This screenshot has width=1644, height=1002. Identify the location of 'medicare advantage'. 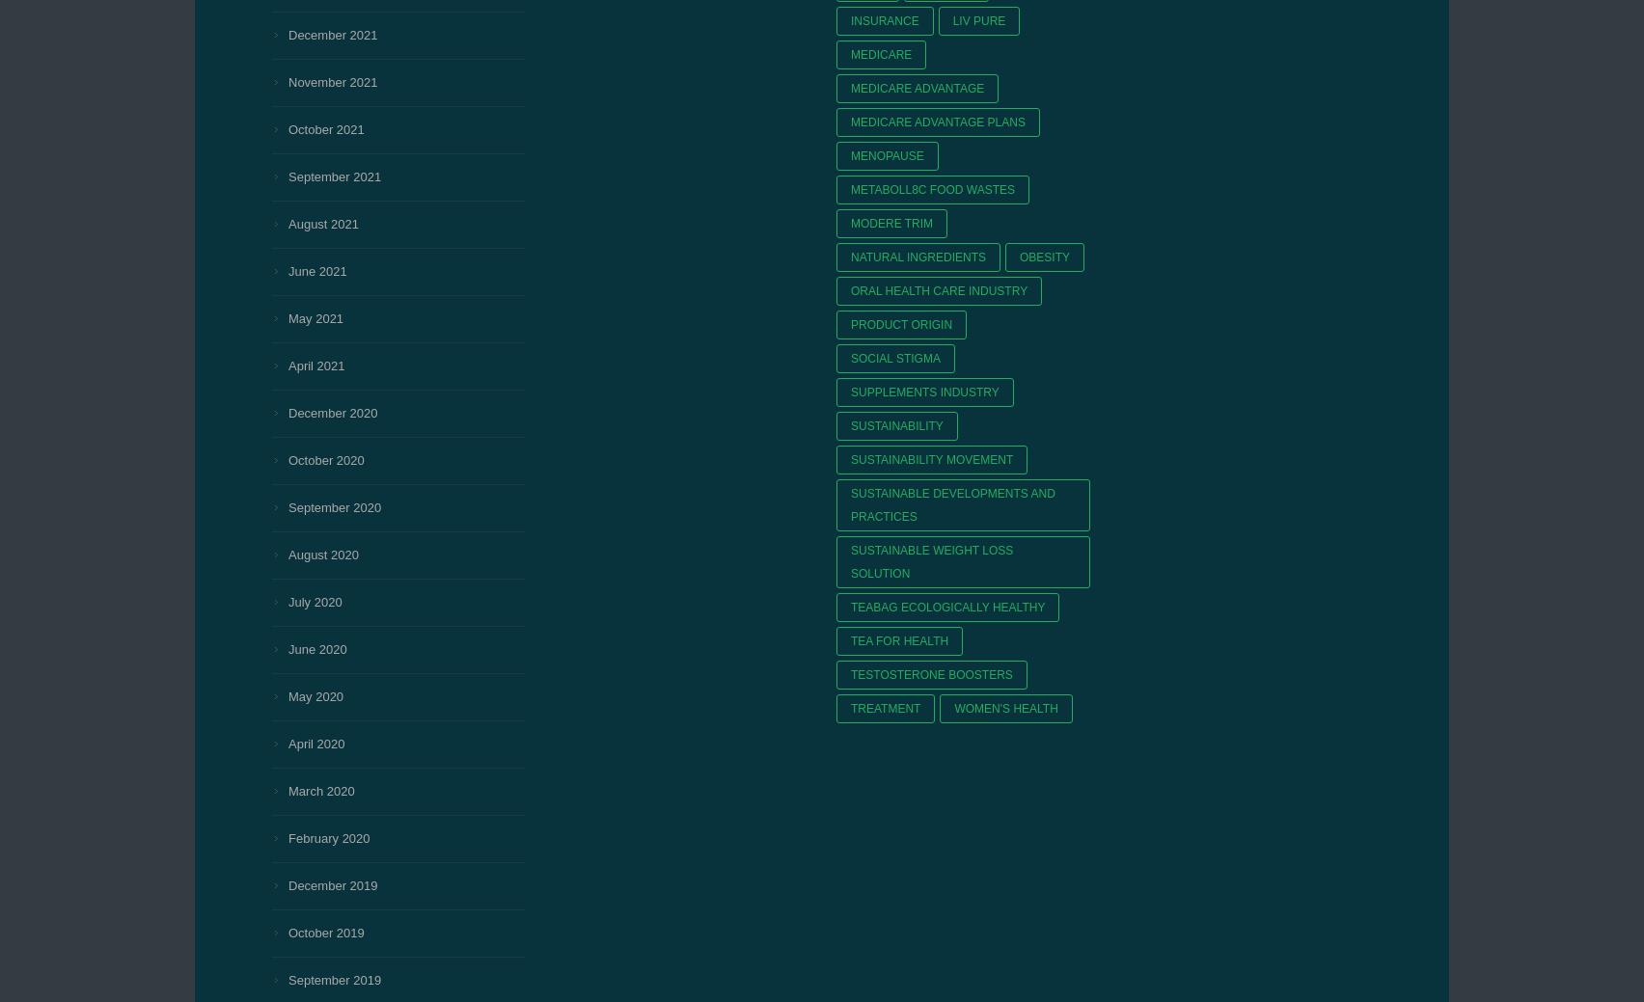
(918, 87).